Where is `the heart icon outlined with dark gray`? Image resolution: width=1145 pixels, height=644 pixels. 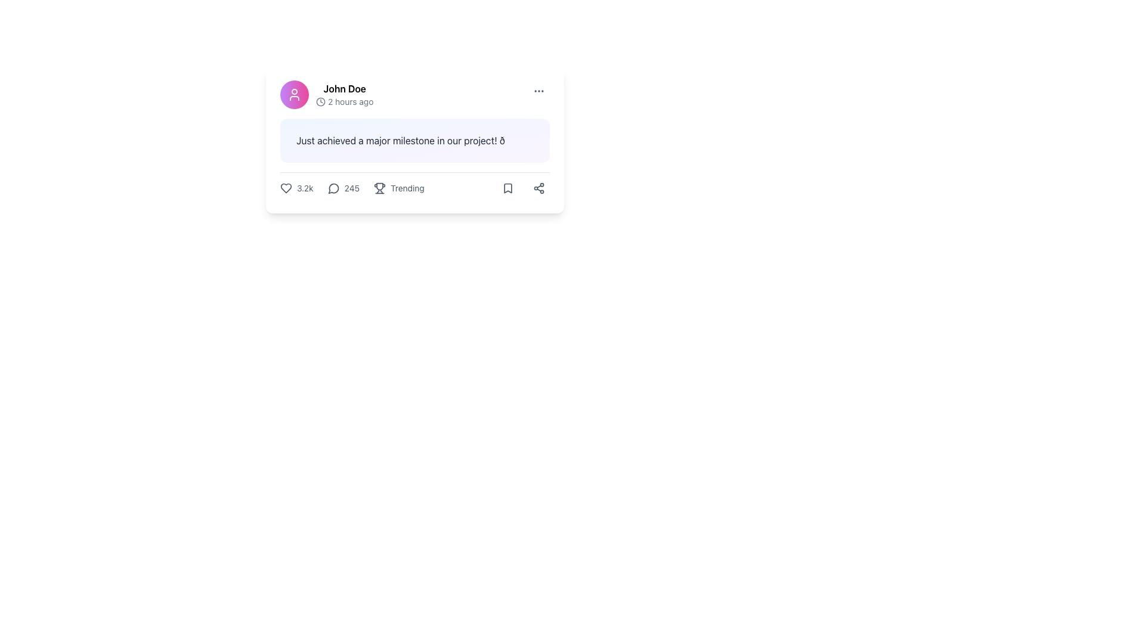
the heart icon outlined with dark gray is located at coordinates (286, 188).